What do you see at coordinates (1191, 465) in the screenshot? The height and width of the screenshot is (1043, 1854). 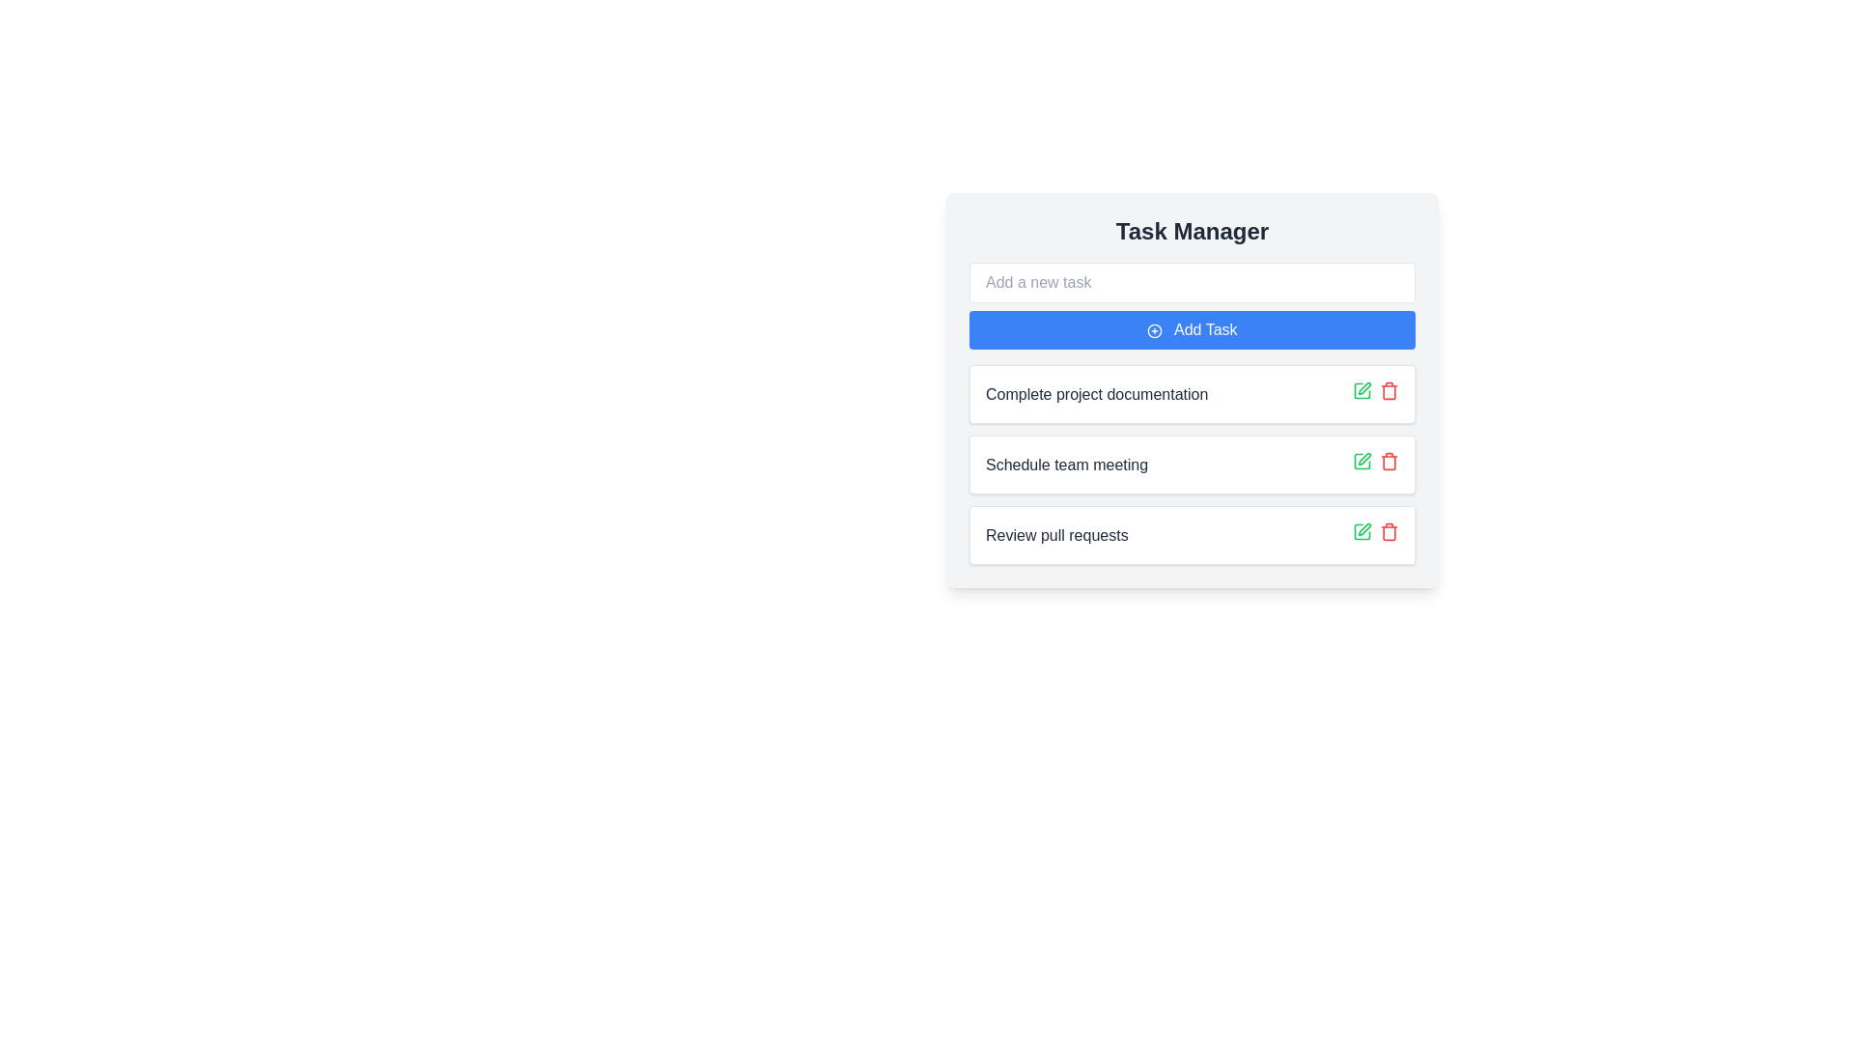 I see `to select the task 'Schedule team meeting' which is the second item in the task manager interface` at bounding box center [1191, 465].